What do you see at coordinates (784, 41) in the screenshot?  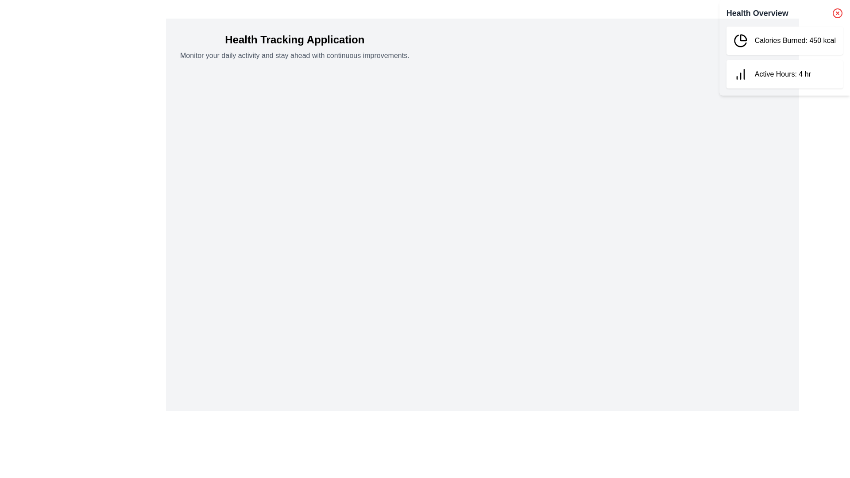 I see `the Card element displaying 'Calories Burned: 450 kcal' in the Health Overview section, which features a black pie chart icon and is styled with a white background` at bounding box center [784, 41].